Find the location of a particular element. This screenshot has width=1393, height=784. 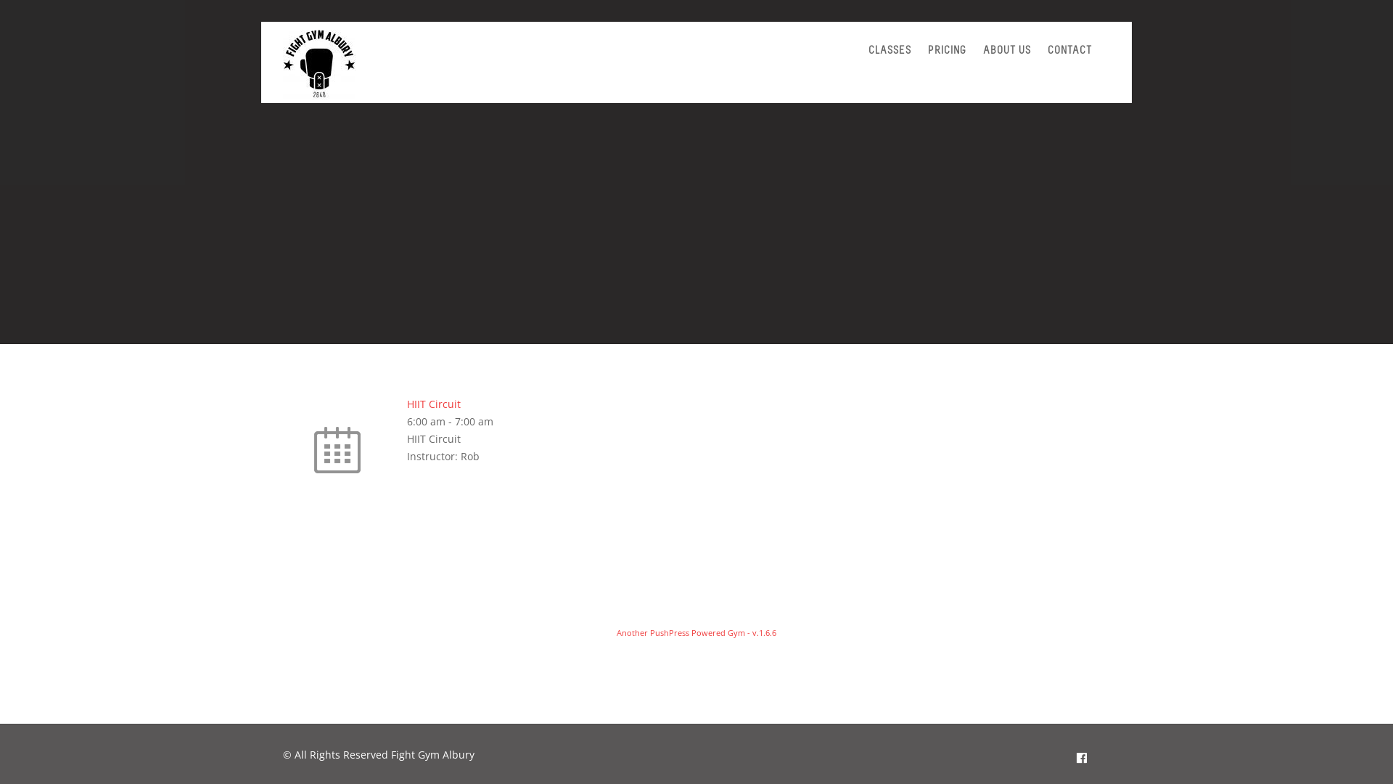

'CLASSES' is located at coordinates (889, 50).